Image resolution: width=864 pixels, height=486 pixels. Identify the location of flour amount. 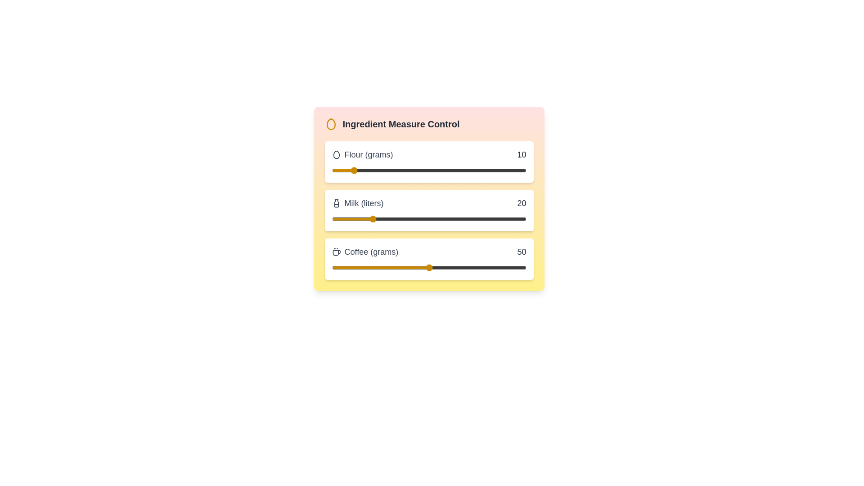
(430, 170).